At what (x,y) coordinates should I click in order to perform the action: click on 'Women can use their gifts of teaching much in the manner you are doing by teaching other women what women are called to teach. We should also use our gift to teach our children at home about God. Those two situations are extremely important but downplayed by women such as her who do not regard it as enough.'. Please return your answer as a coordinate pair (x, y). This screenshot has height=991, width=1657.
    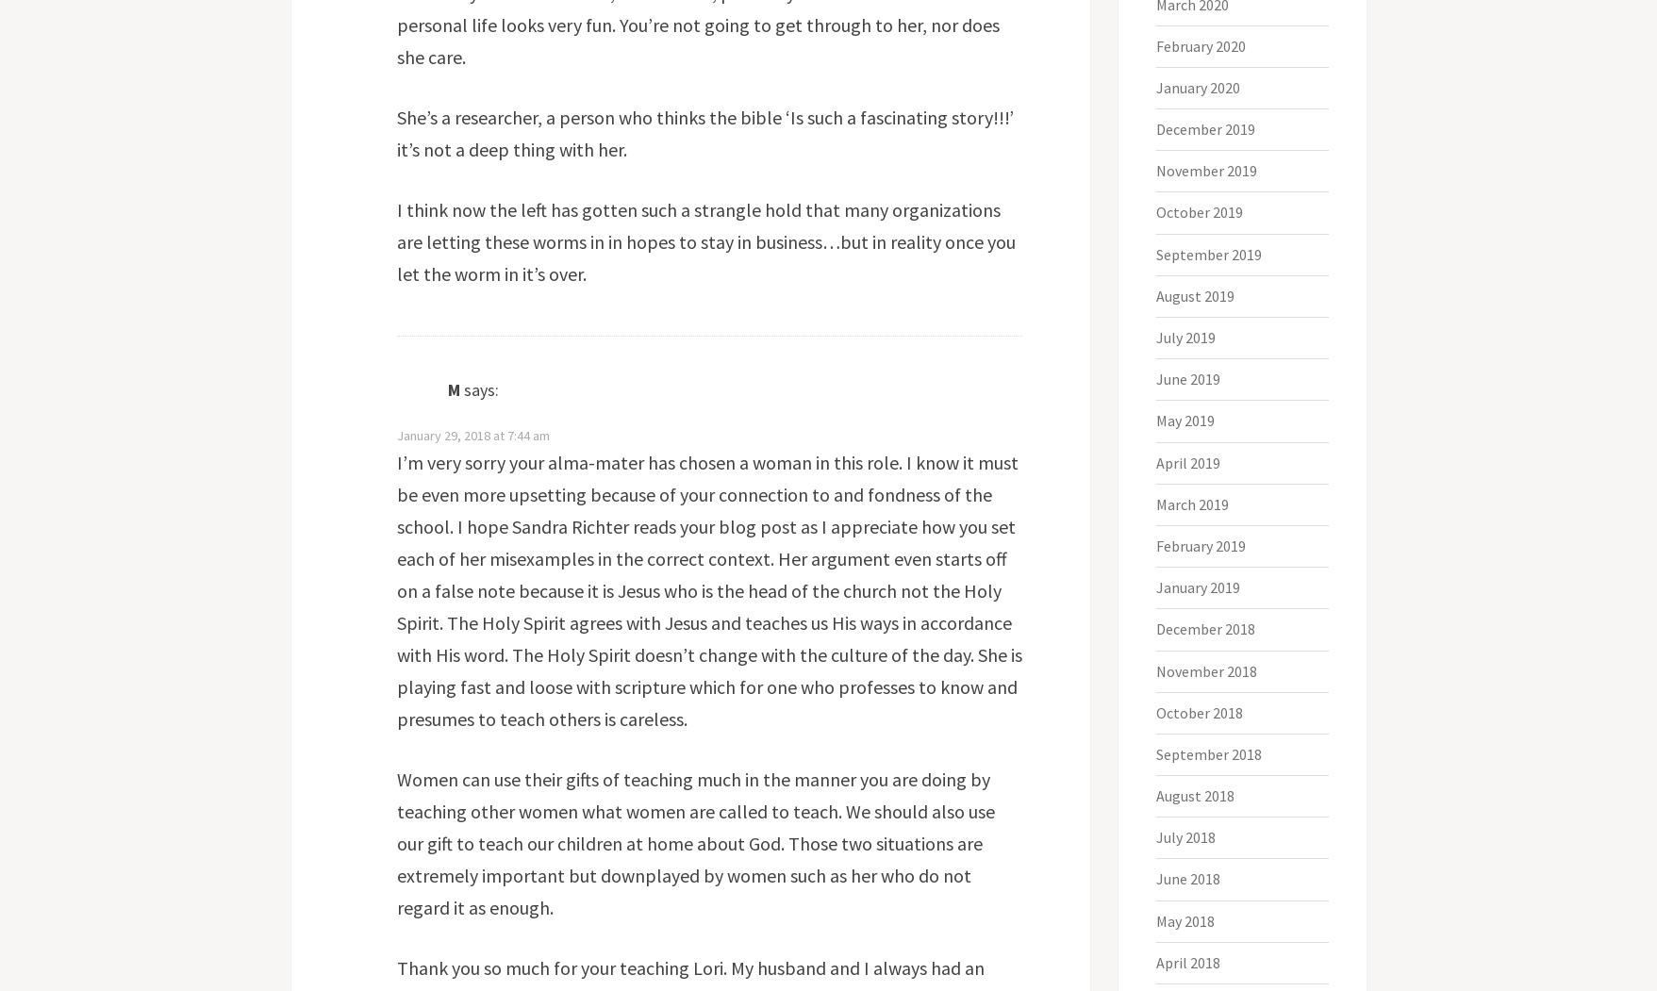
    Looking at the image, I should click on (394, 843).